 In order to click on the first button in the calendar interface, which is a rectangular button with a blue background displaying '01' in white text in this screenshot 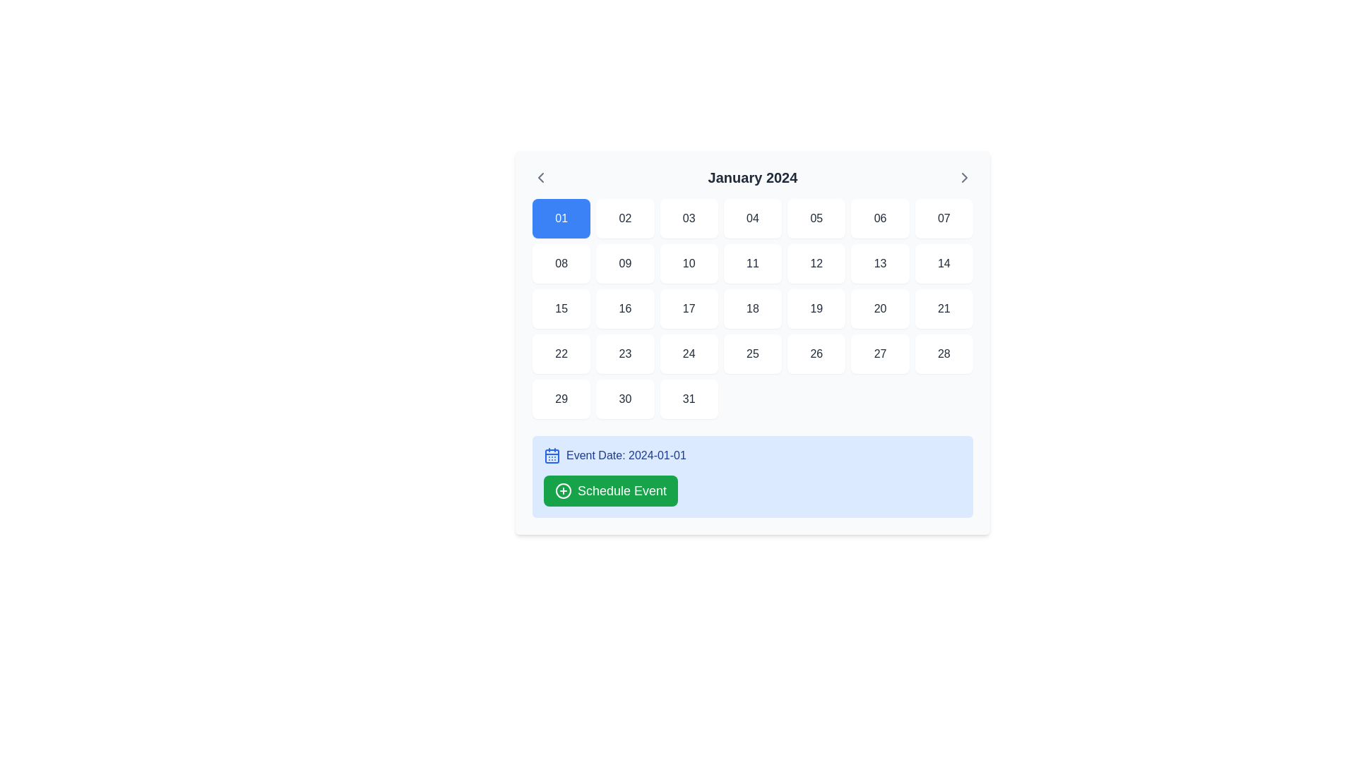, I will do `click(561, 218)`.